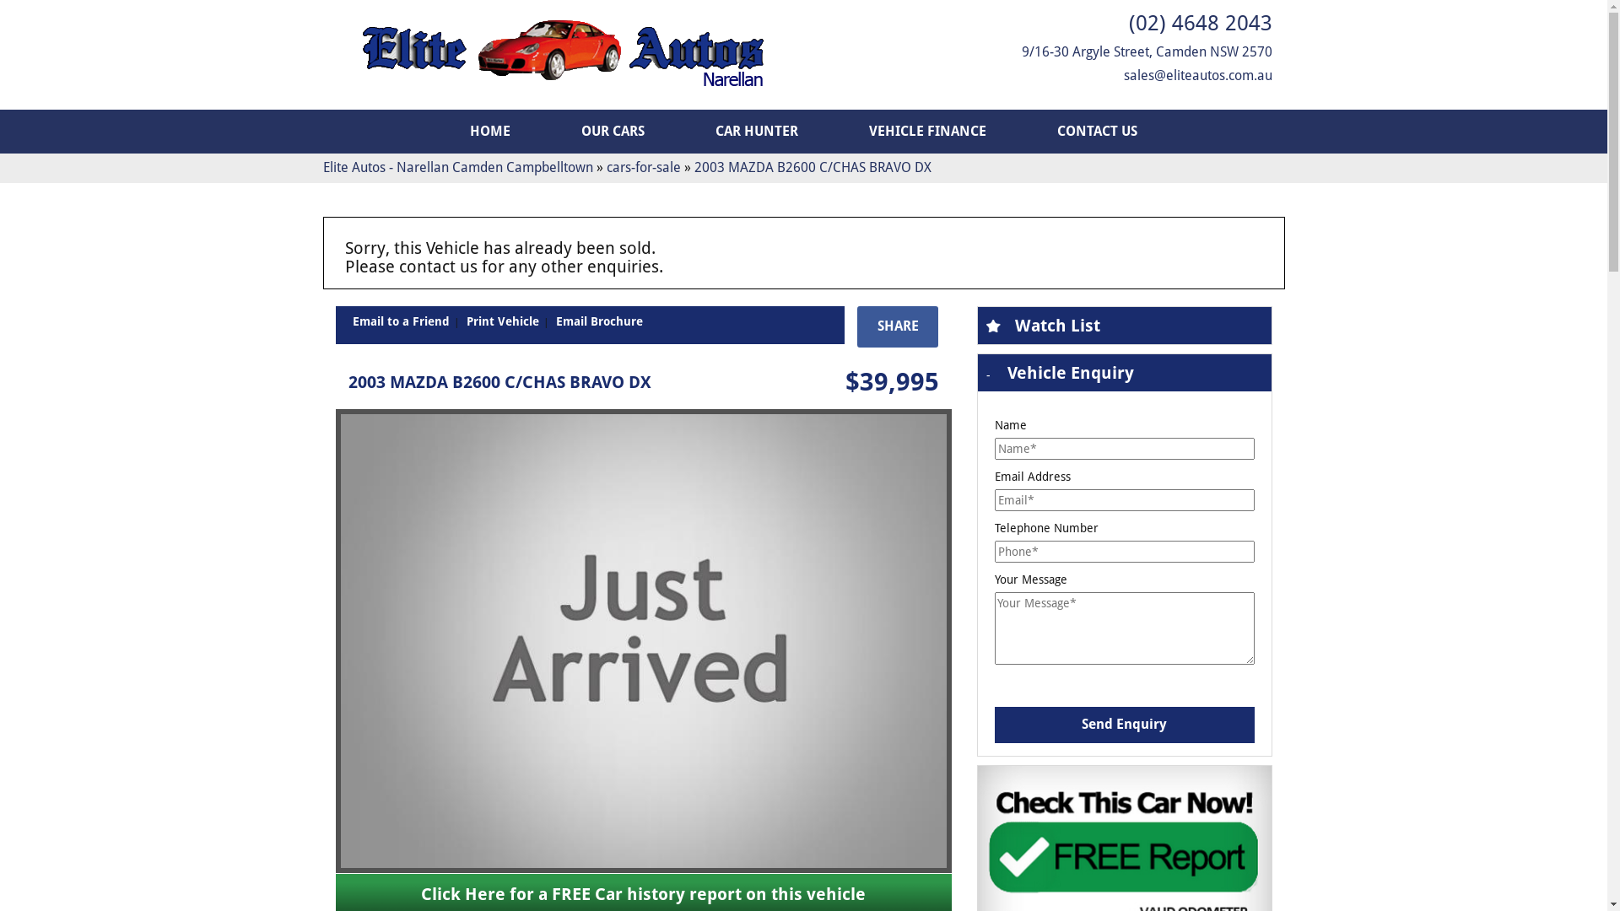 The height and width of the screenshot is (911, 1620). I want to click on 'HOME', so click(436, 130).